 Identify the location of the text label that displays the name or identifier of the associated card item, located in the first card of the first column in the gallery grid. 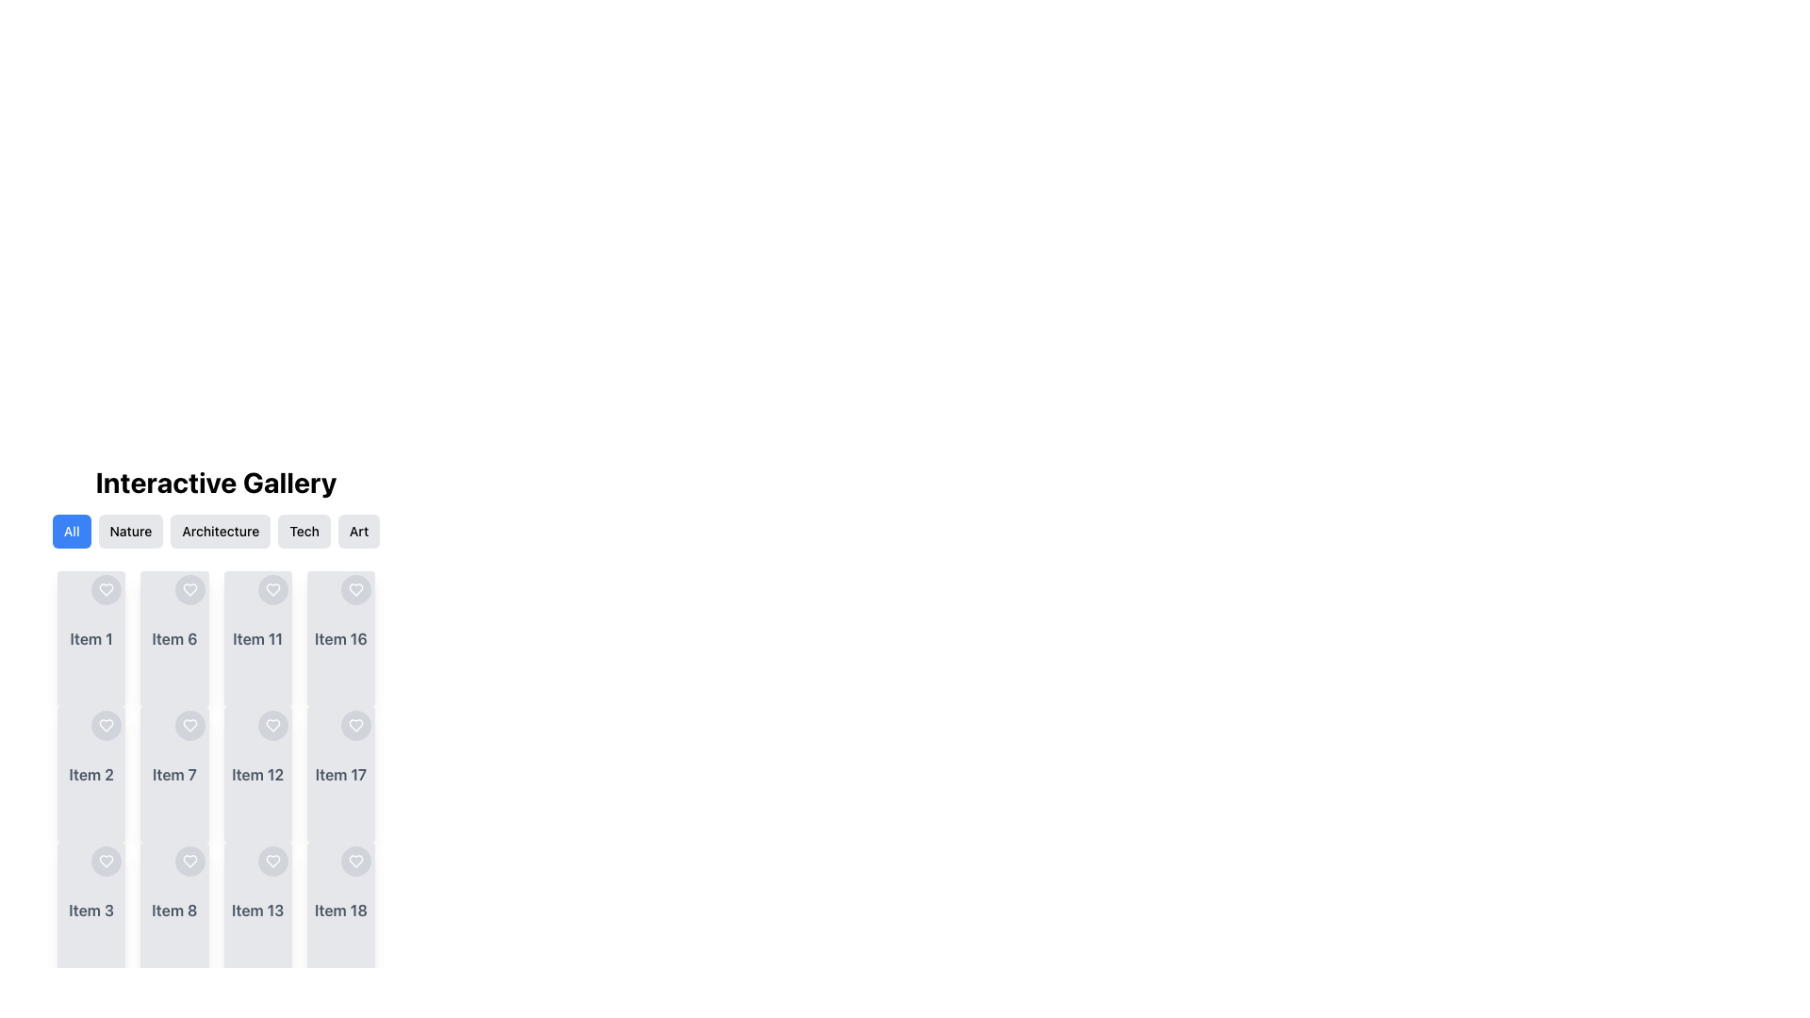
(90, 638).